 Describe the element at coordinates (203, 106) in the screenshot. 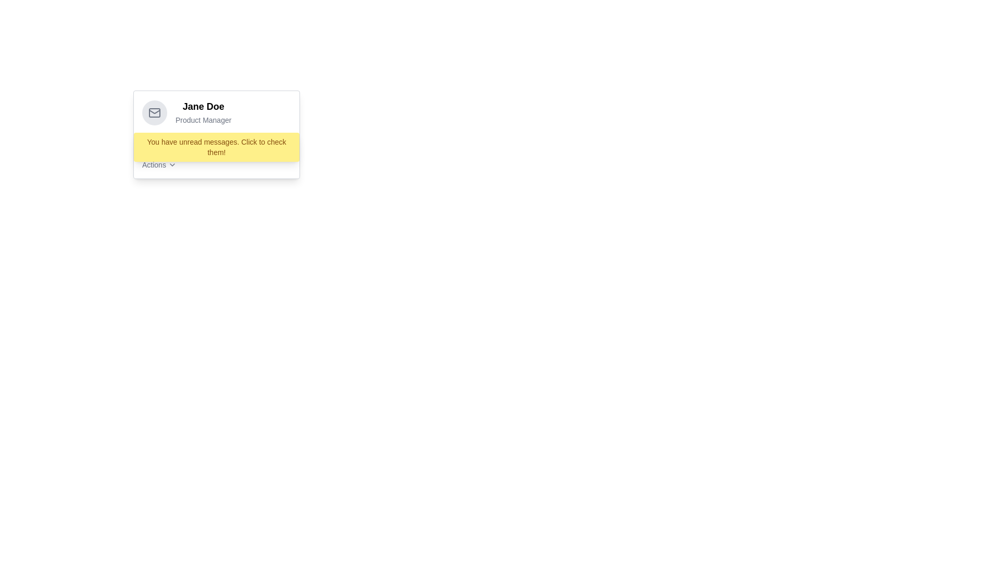

I see `the static text displaying the user's name, which is located in the left section of the card, above the 'Product Manager' label and to the right of the user profile icon` at that location.